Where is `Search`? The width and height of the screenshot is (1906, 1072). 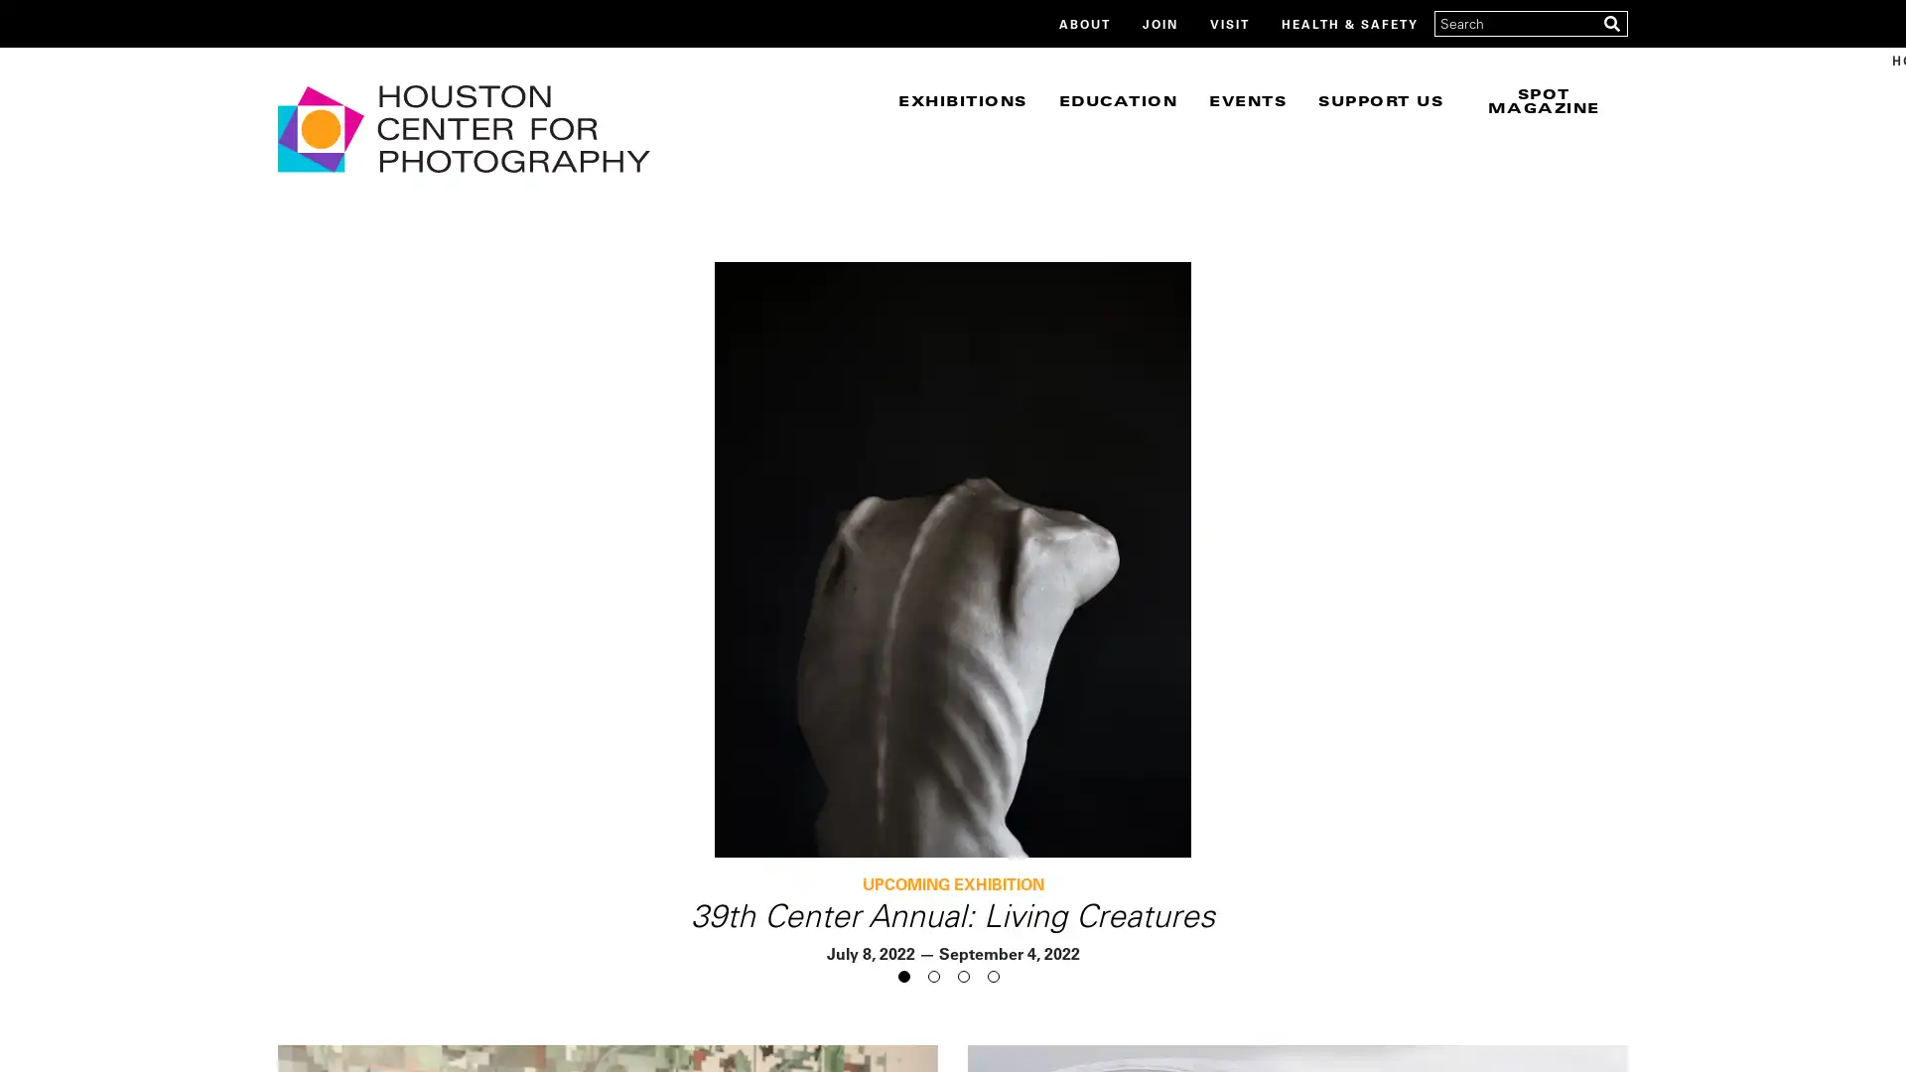
Search is located at coordinates (1611, 23).